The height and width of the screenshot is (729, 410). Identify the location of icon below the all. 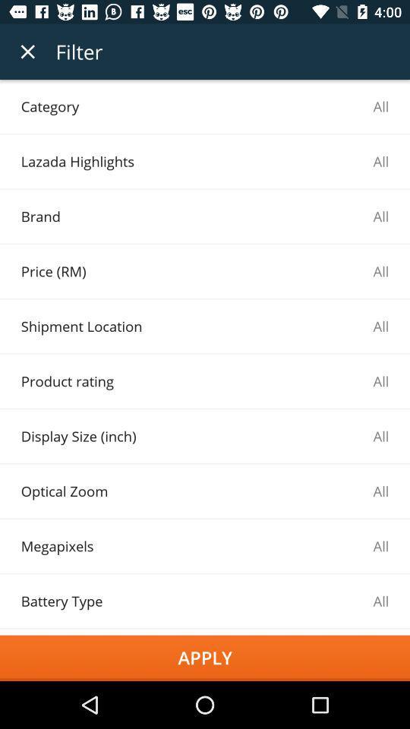
(205, 657).